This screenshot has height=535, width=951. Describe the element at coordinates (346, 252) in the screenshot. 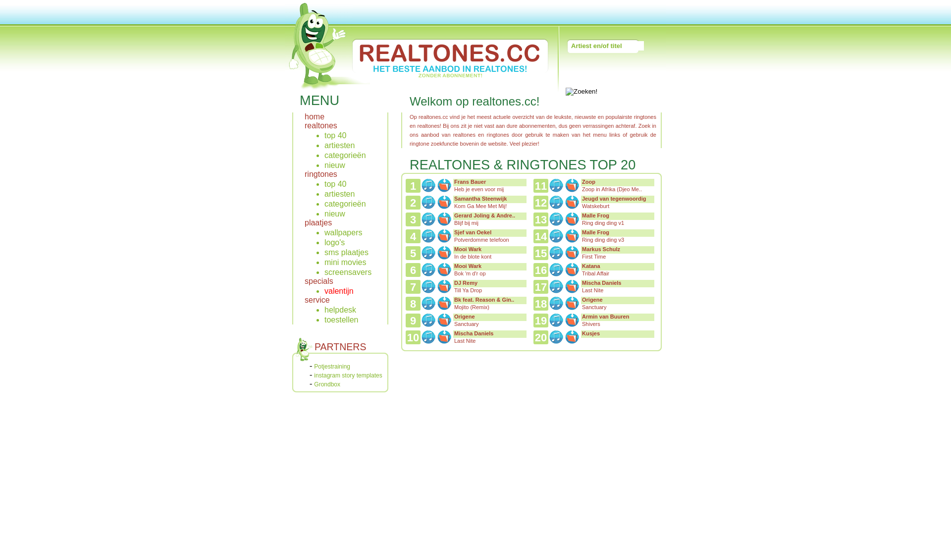

I see `'sms plaatjes'` at that location.